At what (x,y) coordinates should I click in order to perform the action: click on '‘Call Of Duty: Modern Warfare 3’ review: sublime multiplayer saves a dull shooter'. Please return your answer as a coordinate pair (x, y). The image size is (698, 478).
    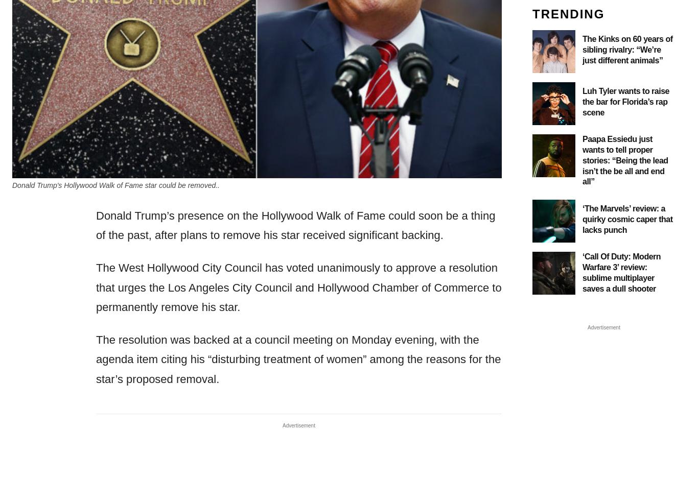
    Looking at the image, I should click on (621, 272).